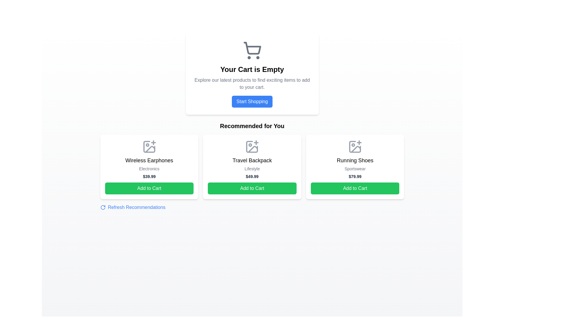 Image resolution: width=570 pixels, height=321 pixels. What do you see at coordinates (252, 176) in the screenshot?
I see `the price text label for the 'Travel Backpack' item located in the second recommendation card under the 'Recommended for You' section, which is positioned below the 'Lifestyle' category label and above the 'Add to Cart' button` at bounding box center [252, 176].